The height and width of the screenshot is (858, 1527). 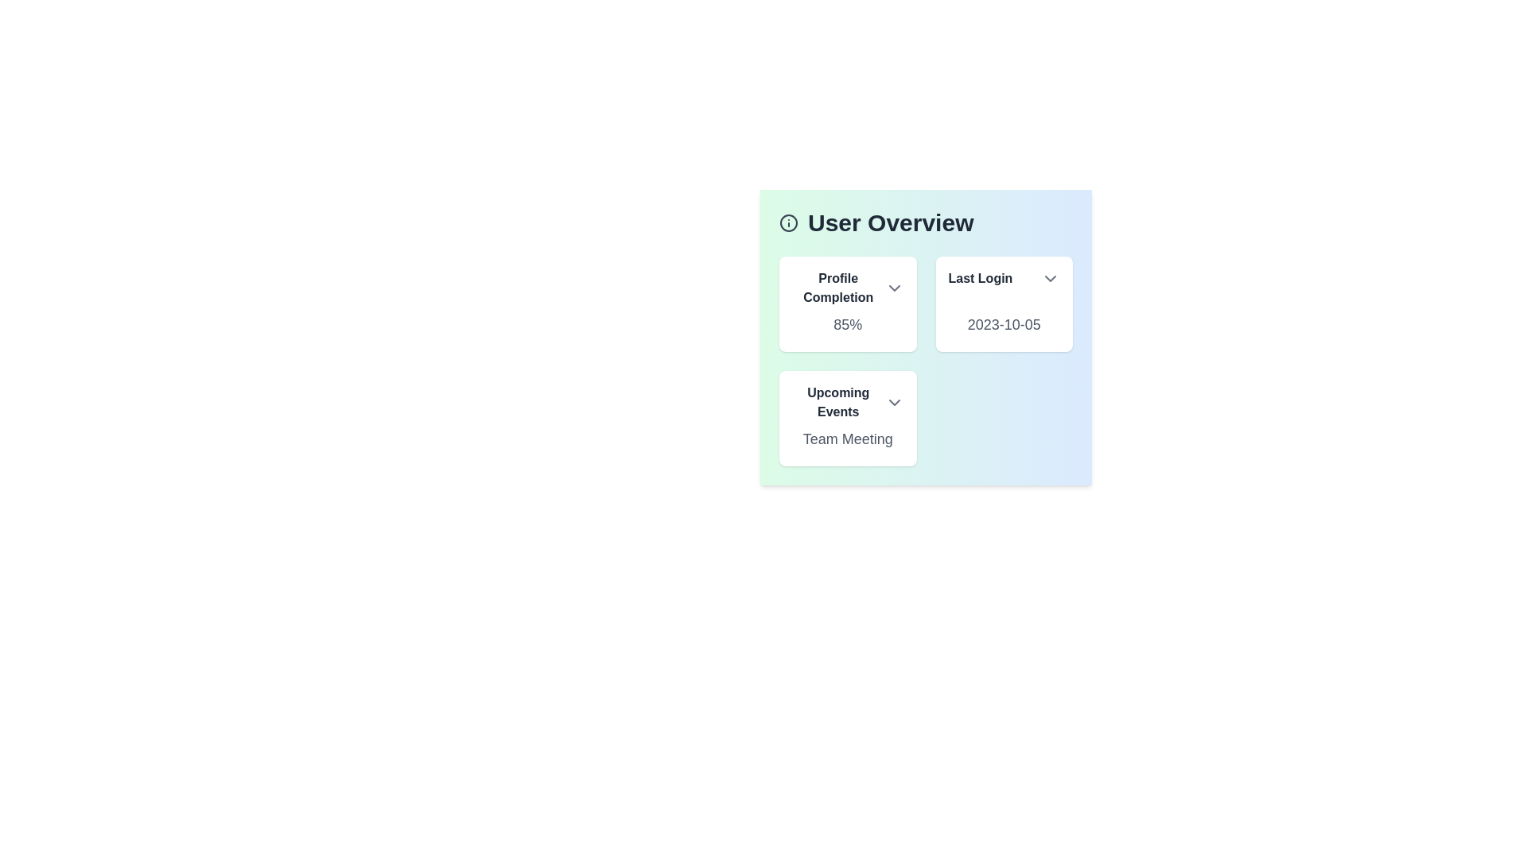 What do you see at coordinates (1003, 323) in the screenshot?
I see `the informational text label displaying the last login date of the user, located below the 'Last Login' text in the 'User Overview' section` at bounding box center [1003, 323].